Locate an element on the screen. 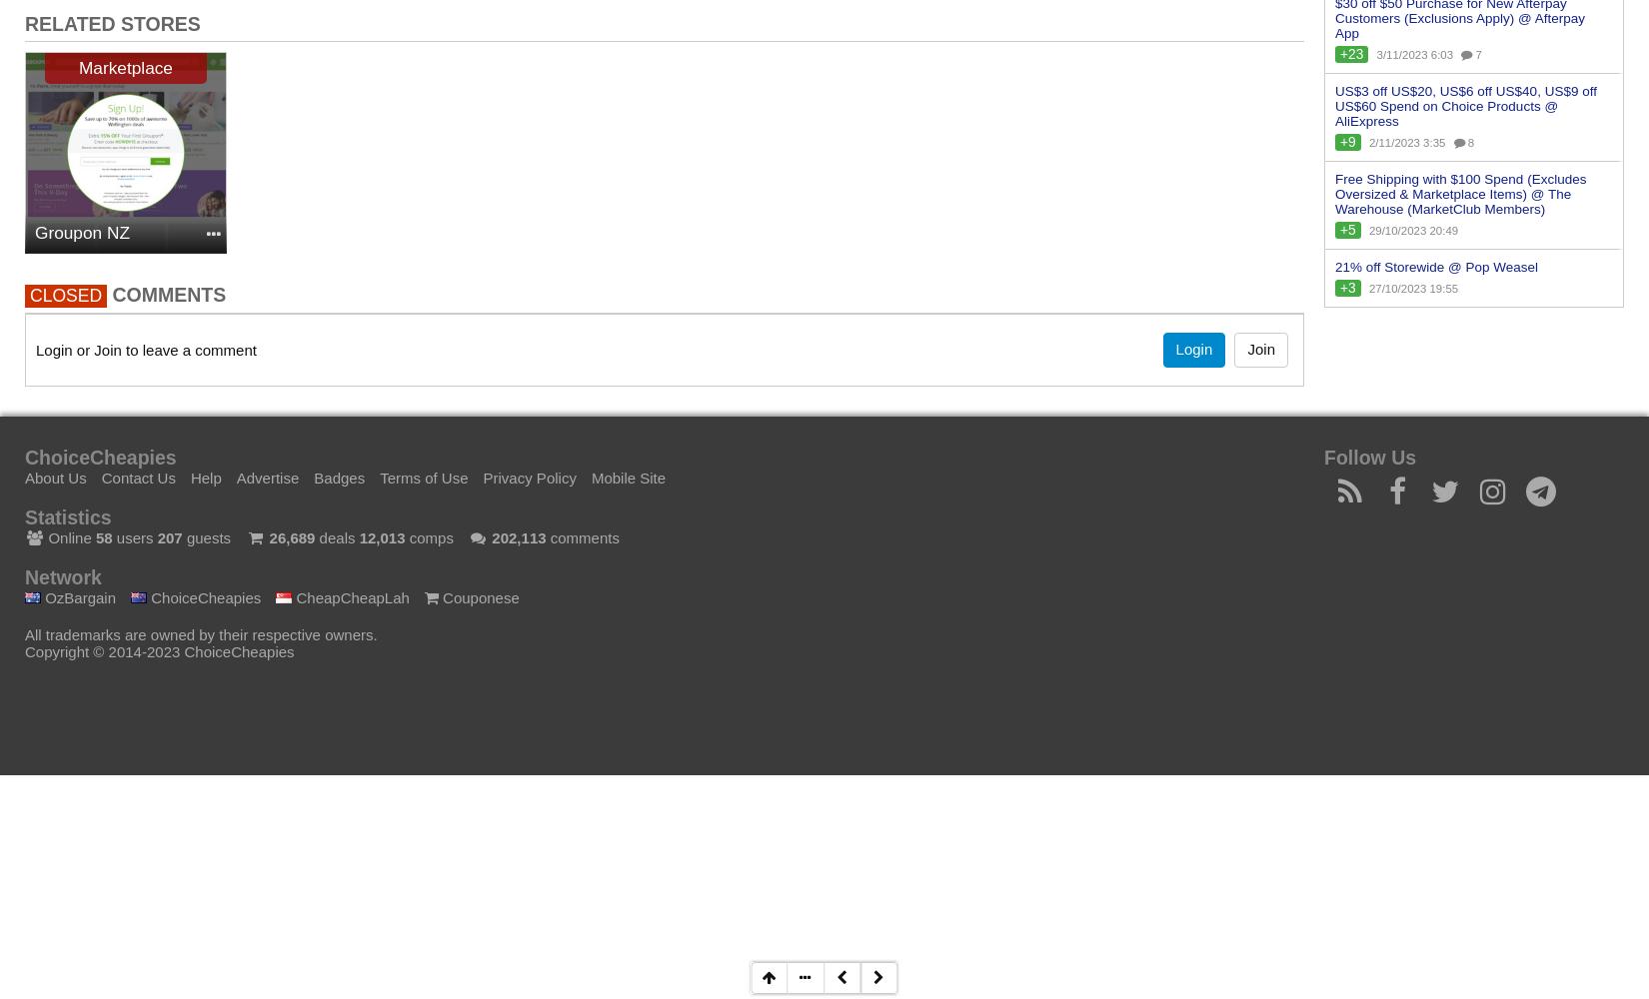 This screenshot has width=1649, height=999. 'Follow Us' is located at coordinates (1368, 456).